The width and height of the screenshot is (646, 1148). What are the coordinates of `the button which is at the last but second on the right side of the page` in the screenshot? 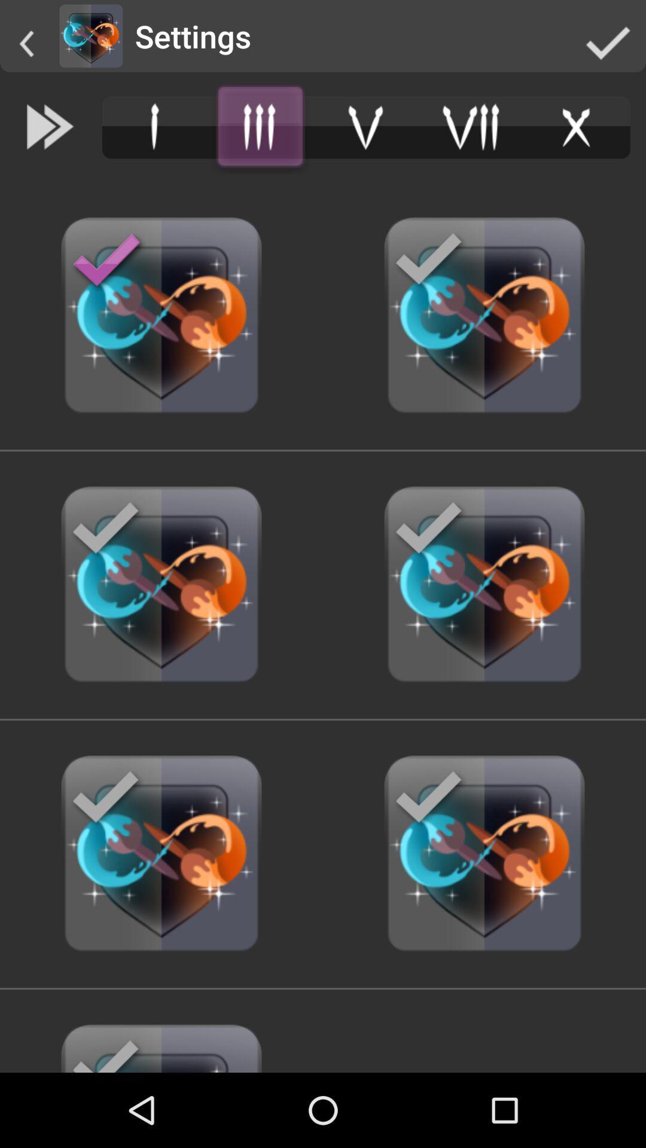 It's located at (484, 316).